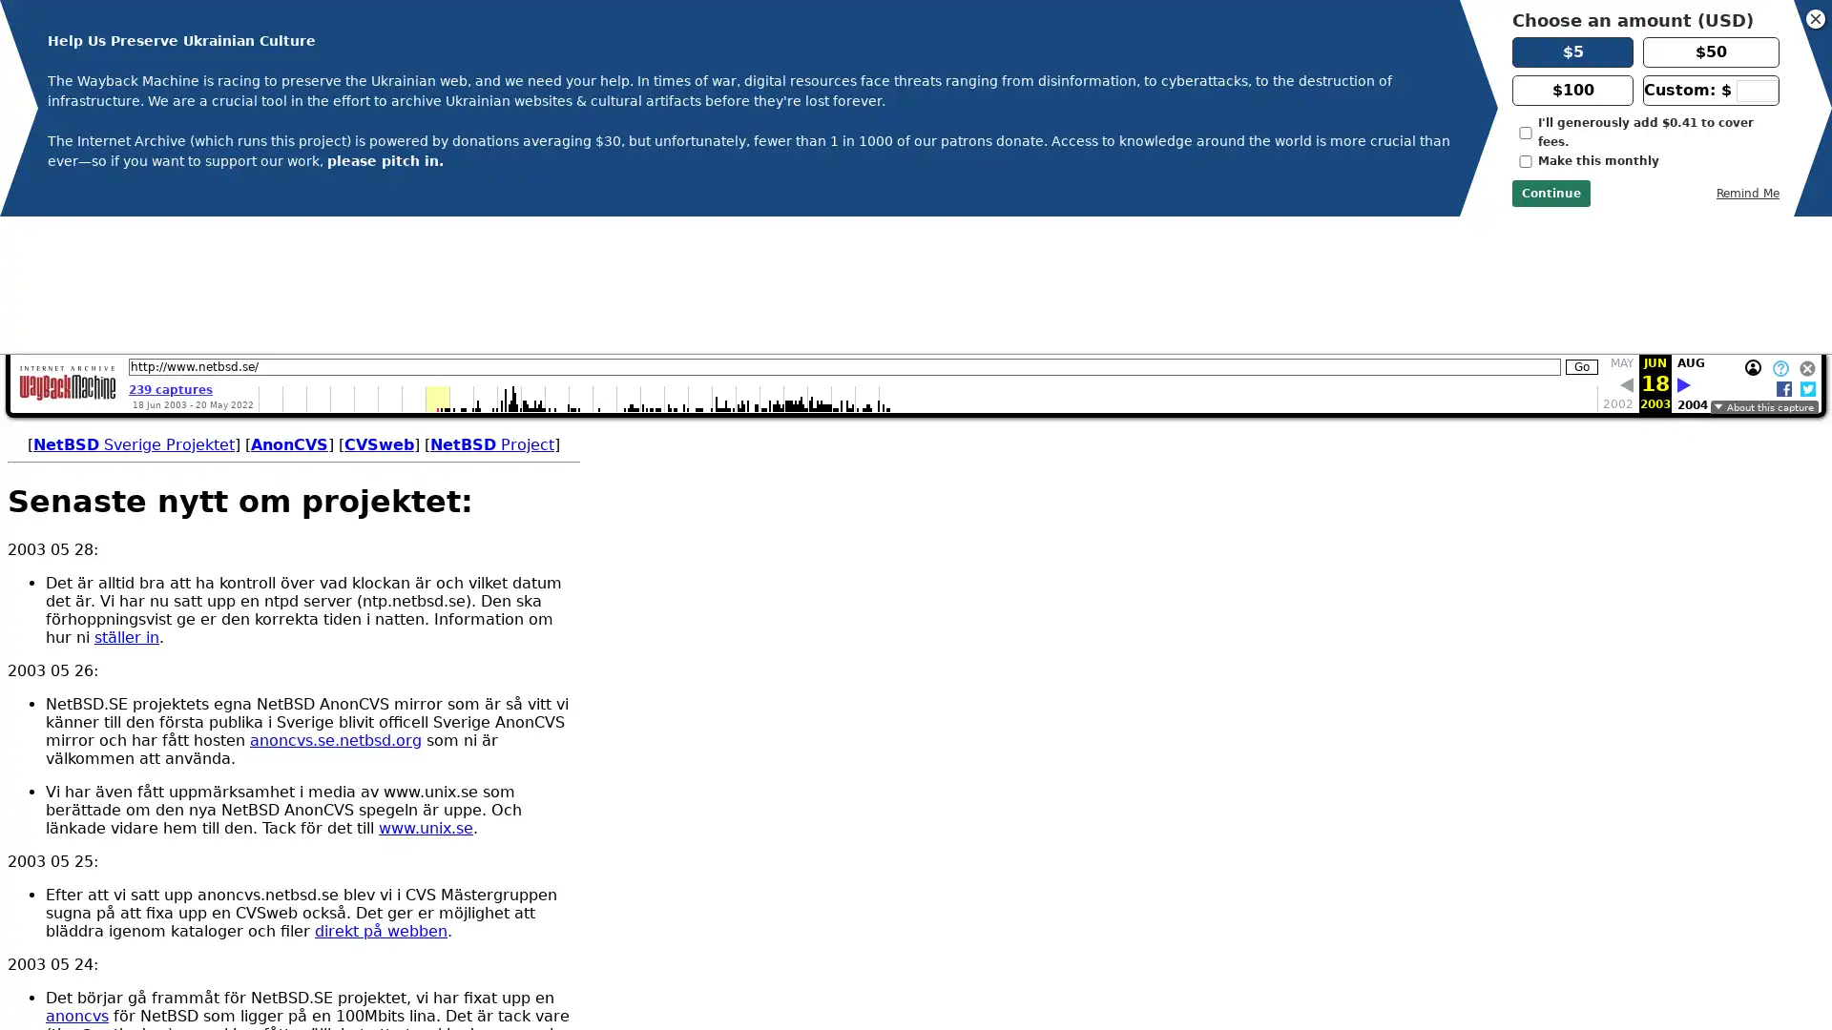 The image size is (1832, 1030). I want to click on Go, so click(1581, 228).